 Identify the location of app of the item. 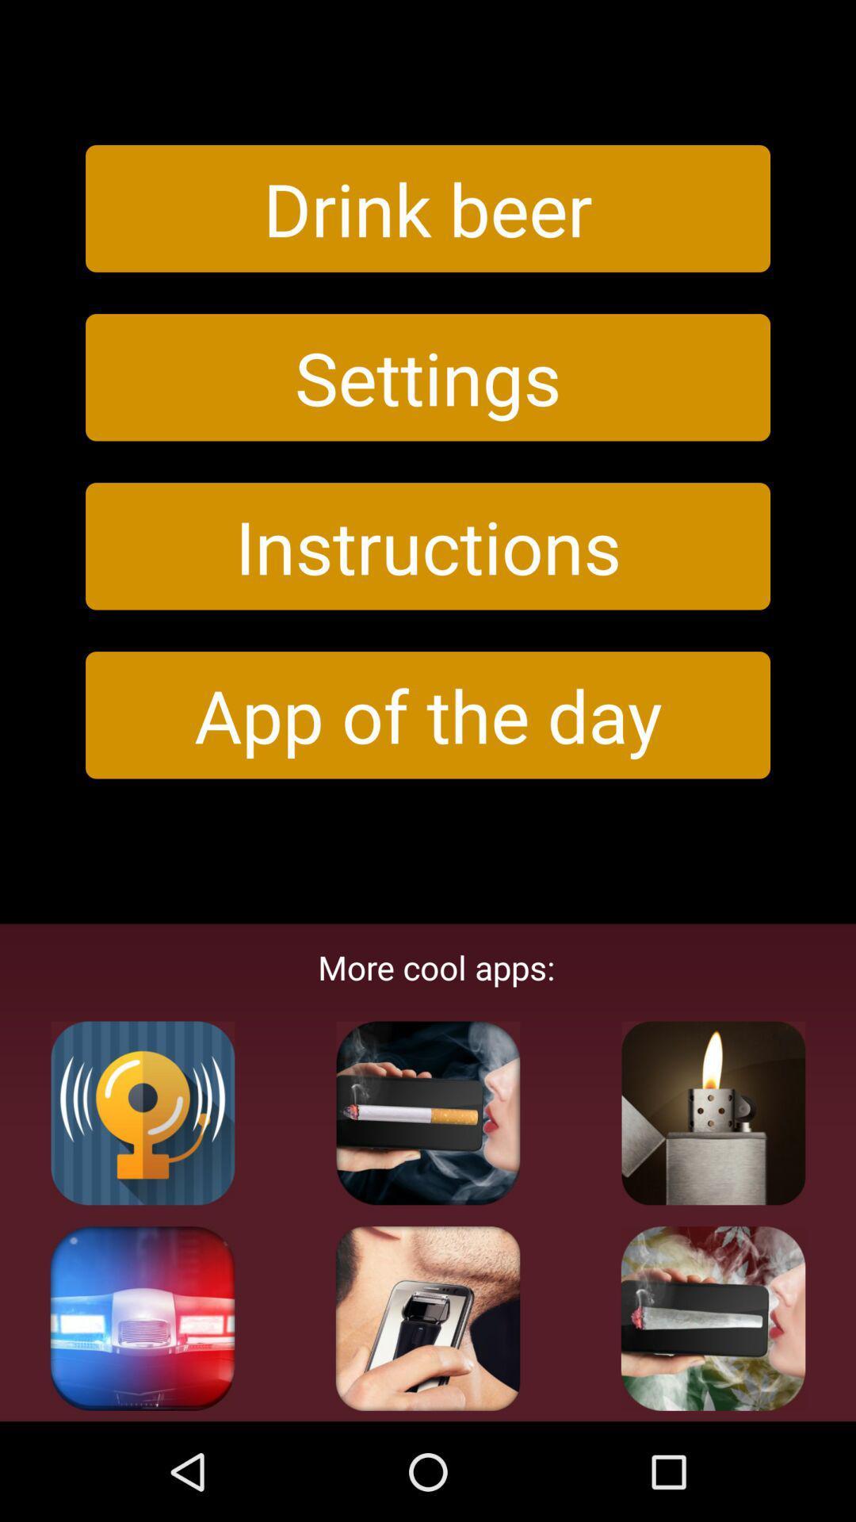
(428, 714).